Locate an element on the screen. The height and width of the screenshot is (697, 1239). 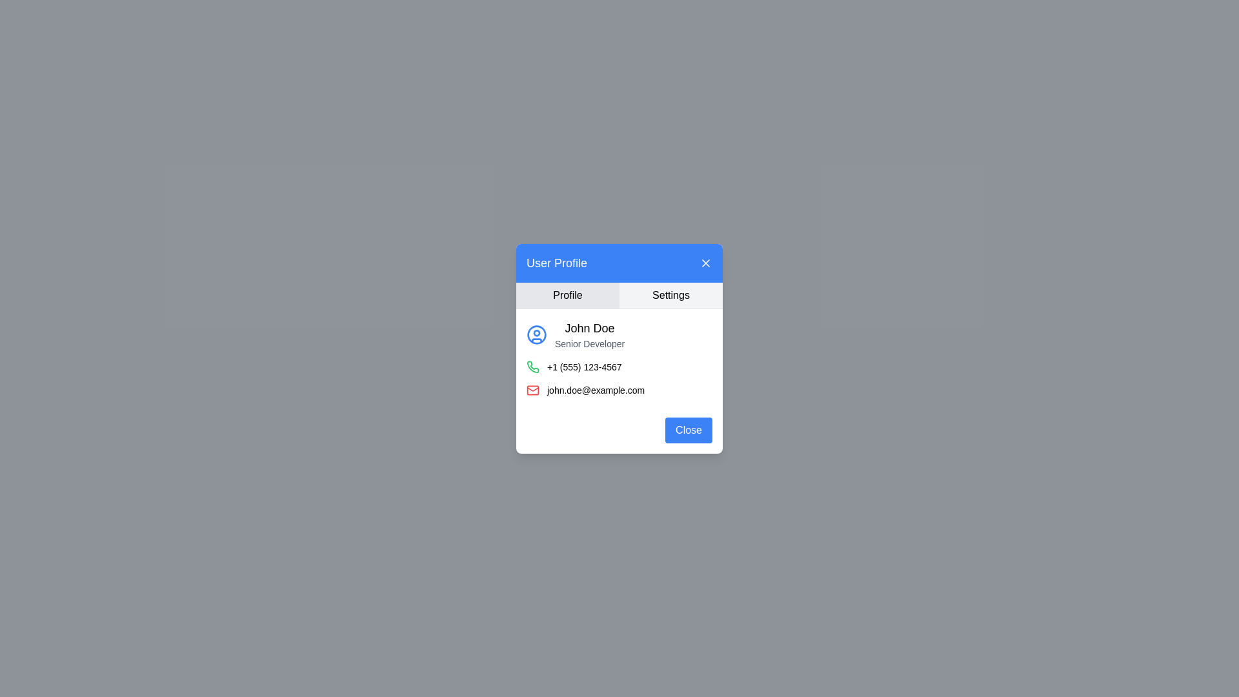
the 'Settings' tab button, which is the second tab in a two-tab horizontal menu within the 'User Profile' popup dialog, to switch views is located at coordinates (671, 295).